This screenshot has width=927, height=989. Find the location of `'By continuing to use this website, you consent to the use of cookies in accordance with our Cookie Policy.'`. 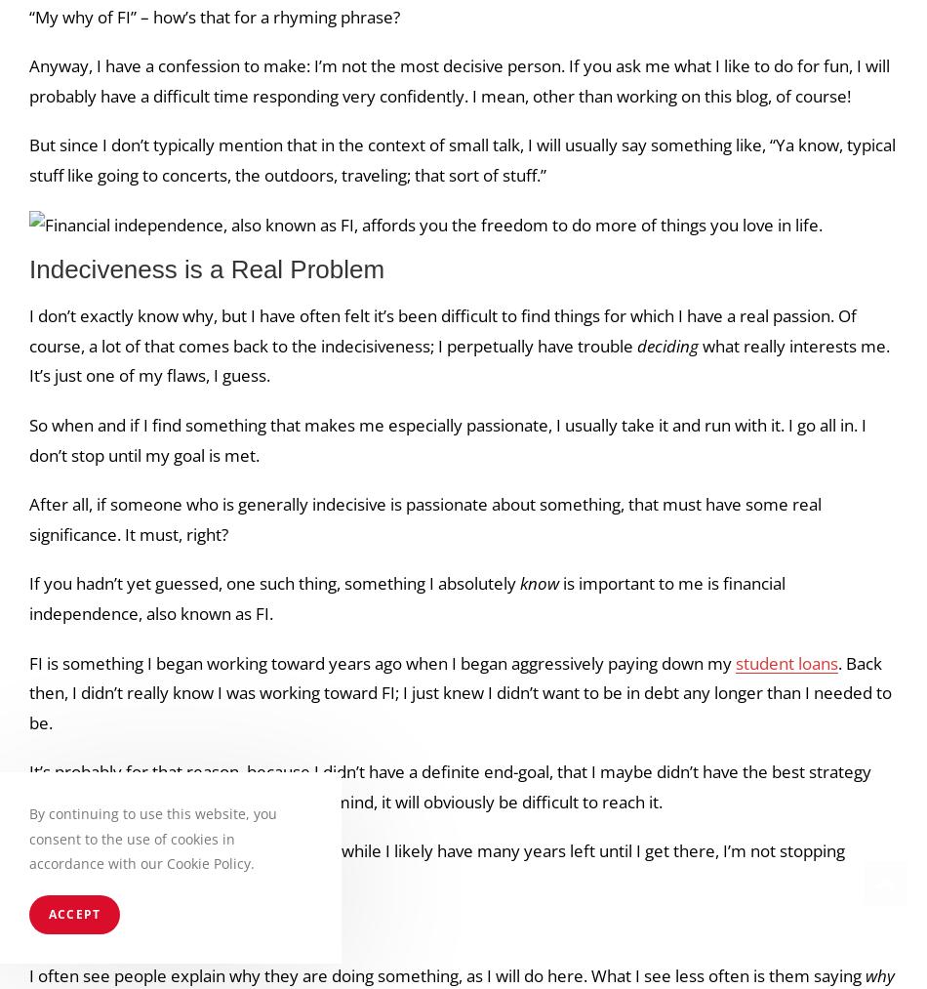

'By continuing to use this website, you consent to the use of cookies in accordance with our Cookie Policy.' is located at coordinates (153, 837).